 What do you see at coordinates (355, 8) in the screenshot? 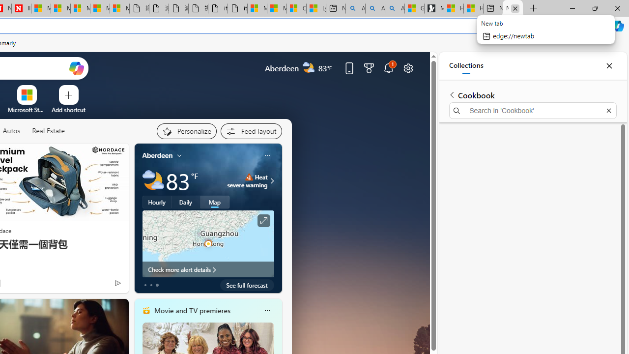
I see `'Alabama high school quarterback dies - Search'` at bounding box center [355, 8].